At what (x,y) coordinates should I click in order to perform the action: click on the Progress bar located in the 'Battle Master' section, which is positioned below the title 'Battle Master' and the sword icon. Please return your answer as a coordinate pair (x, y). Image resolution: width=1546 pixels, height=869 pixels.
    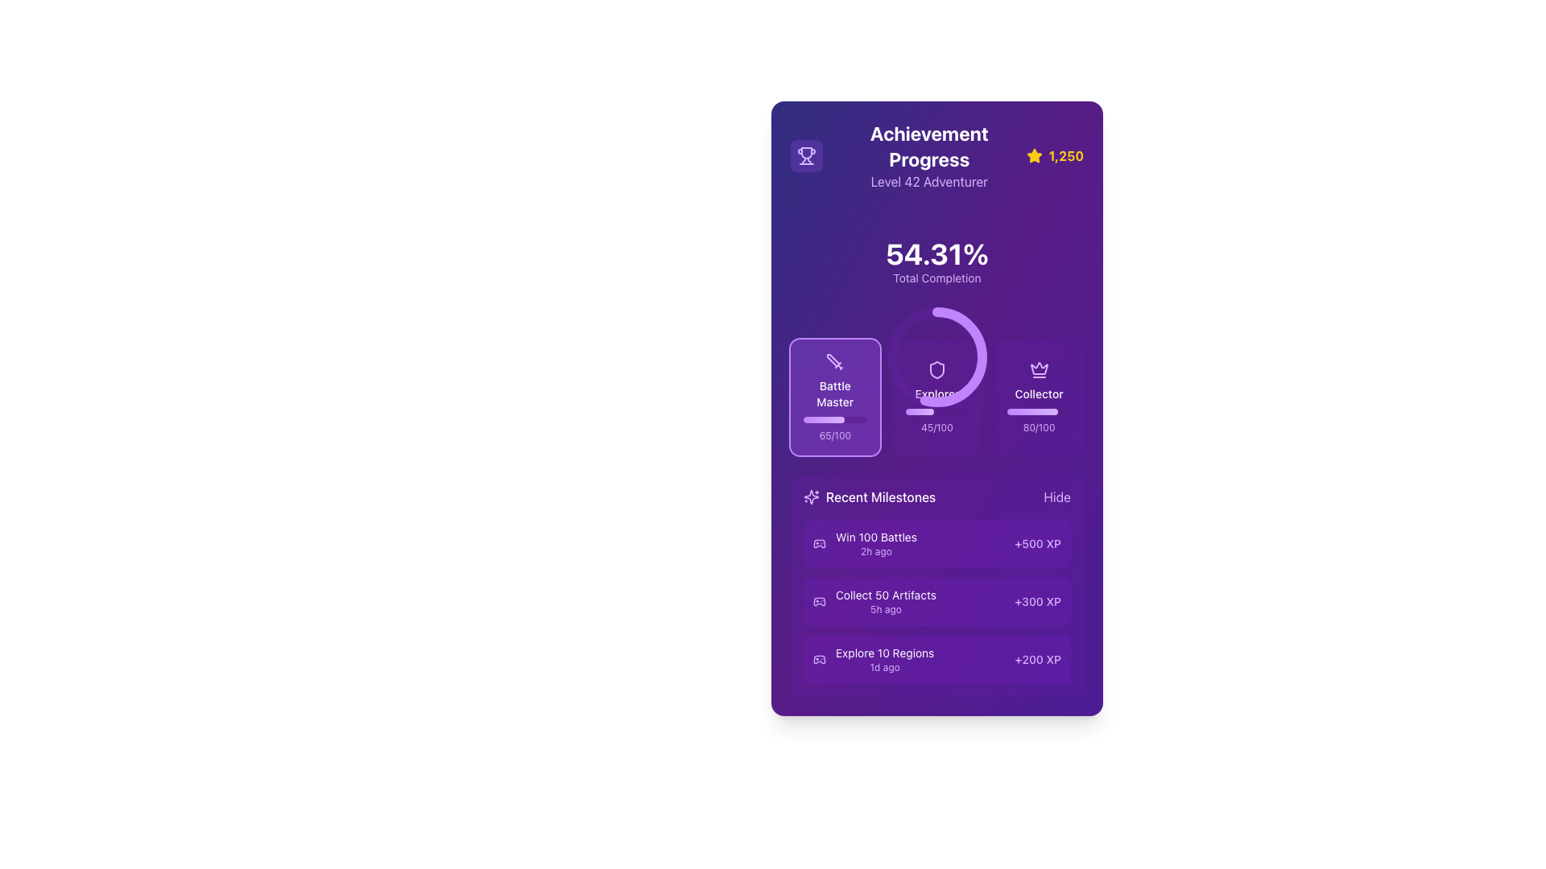
    Looking at the image, I should click on (835, 418).